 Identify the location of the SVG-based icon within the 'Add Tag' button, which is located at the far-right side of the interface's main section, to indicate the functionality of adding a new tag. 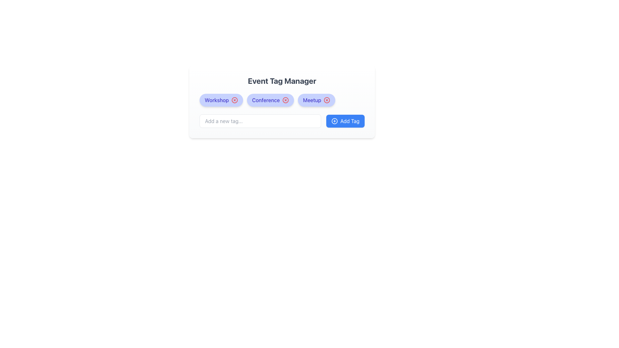
(334, 121).